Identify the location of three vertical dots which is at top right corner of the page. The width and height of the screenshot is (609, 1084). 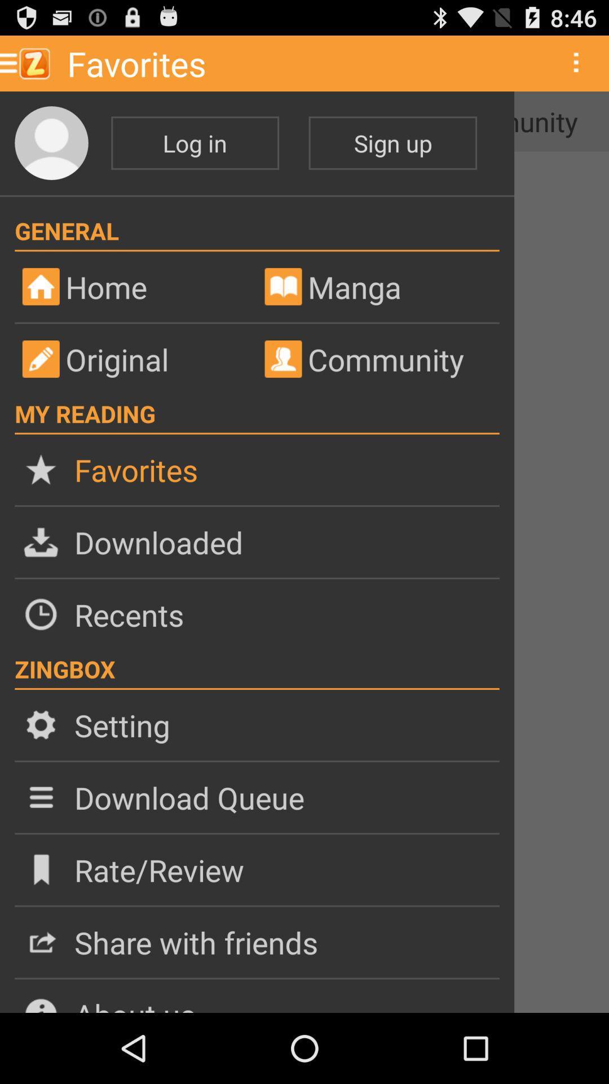
(575, 63).